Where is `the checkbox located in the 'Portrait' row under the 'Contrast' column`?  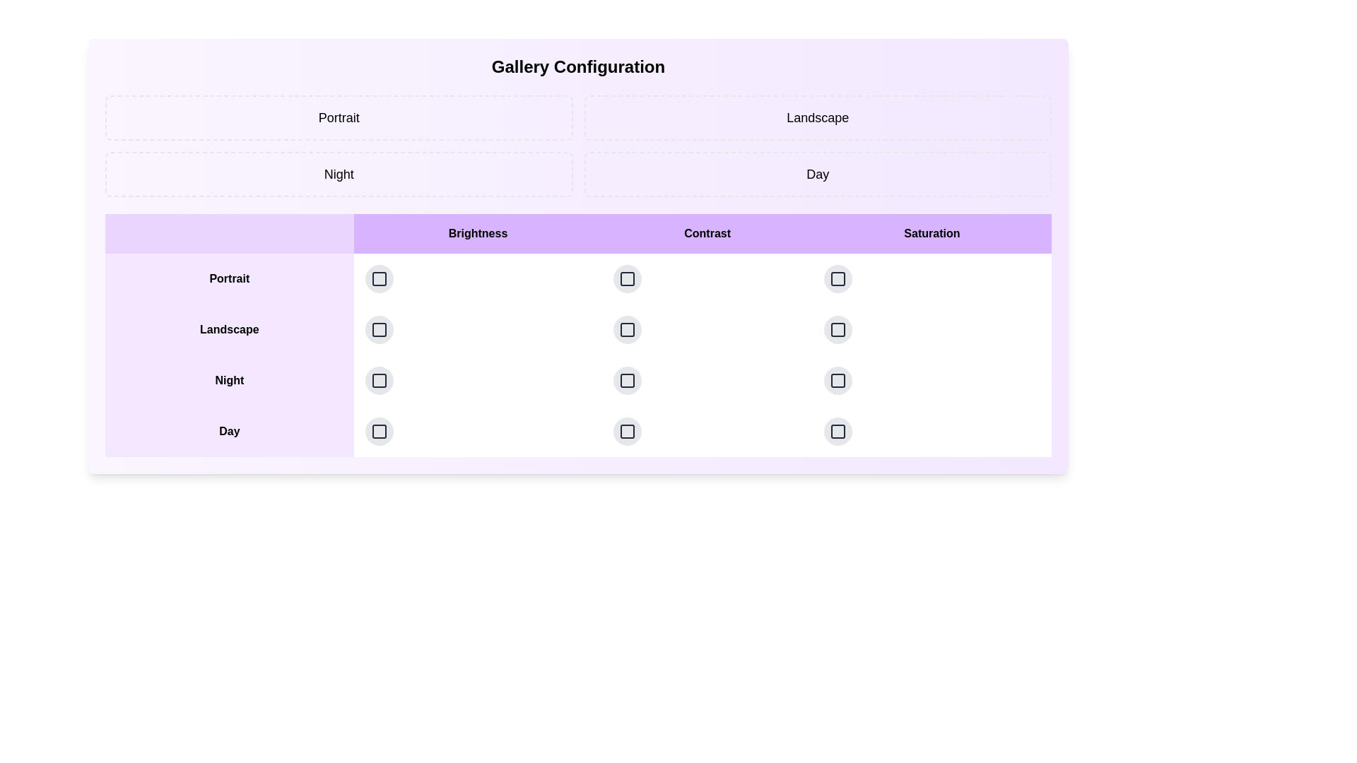
the checkbox located in the 'Portrait' row under the 'Contrast' column is located at coordinates (707, 278).